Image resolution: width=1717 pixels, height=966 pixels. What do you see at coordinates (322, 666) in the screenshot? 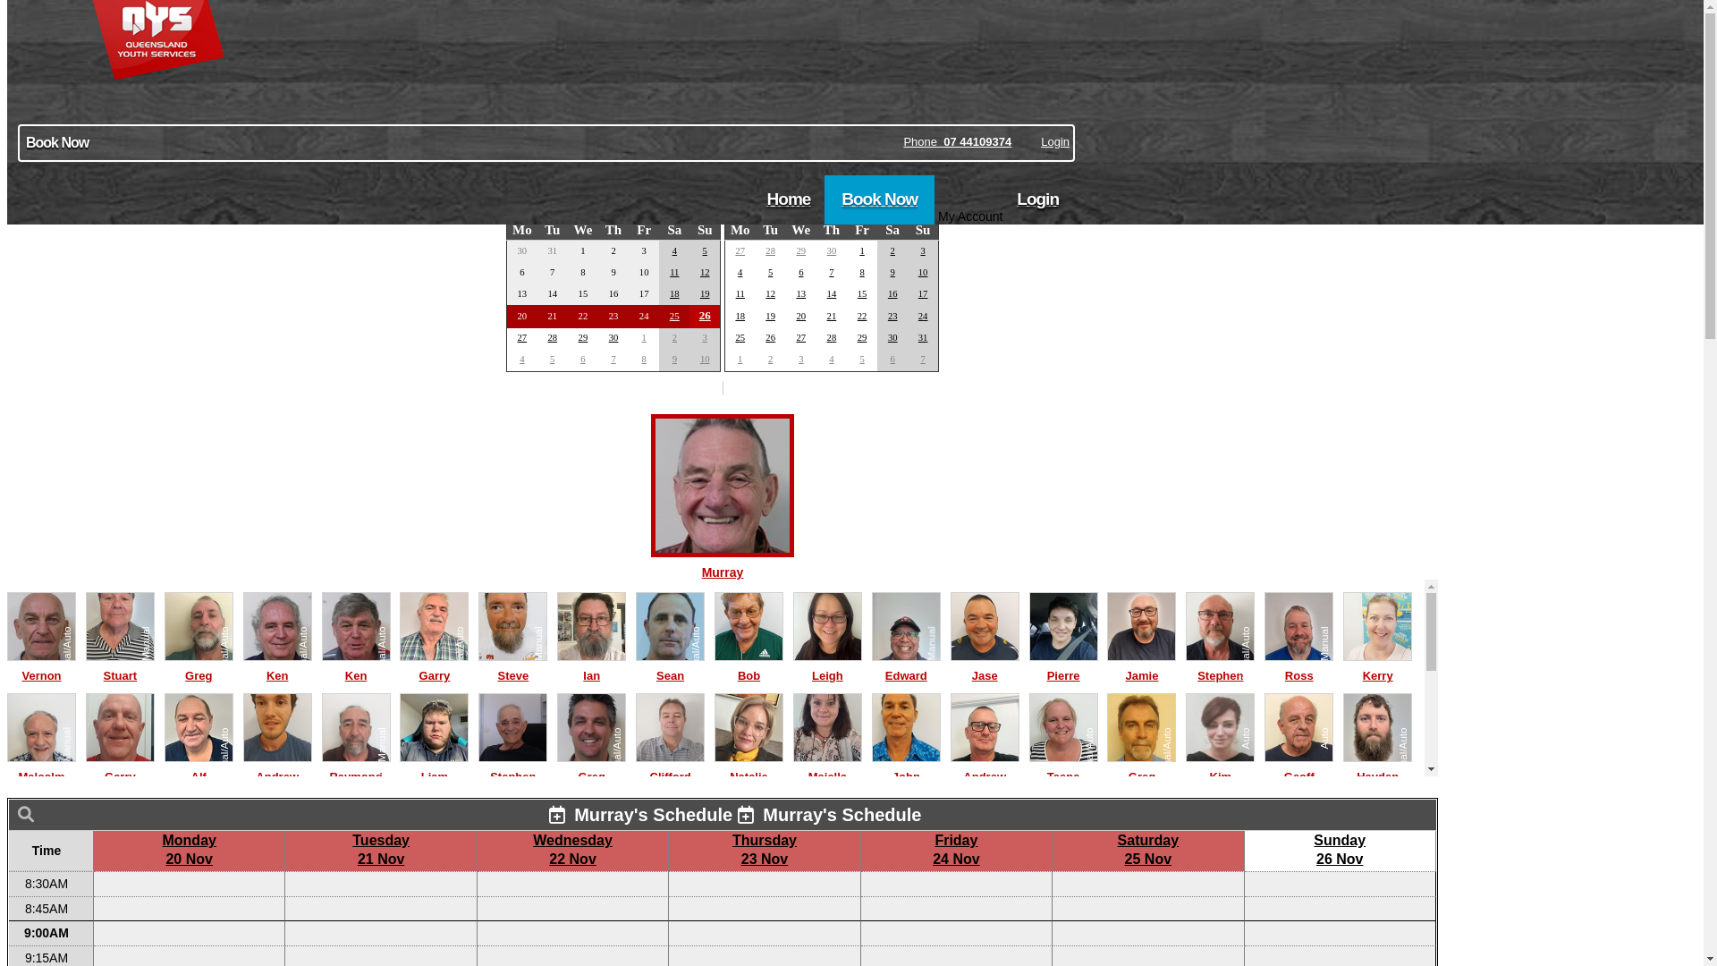
I see `'Ken` at bounding box center [322, 666].